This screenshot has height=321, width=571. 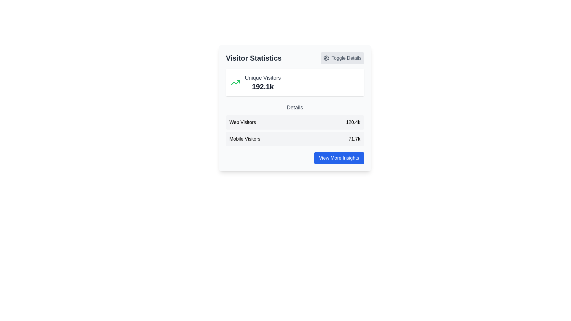 I want to click on the gear-like settings SVG icon within the 'Toggle Details' button, so click(x=326, y=58).